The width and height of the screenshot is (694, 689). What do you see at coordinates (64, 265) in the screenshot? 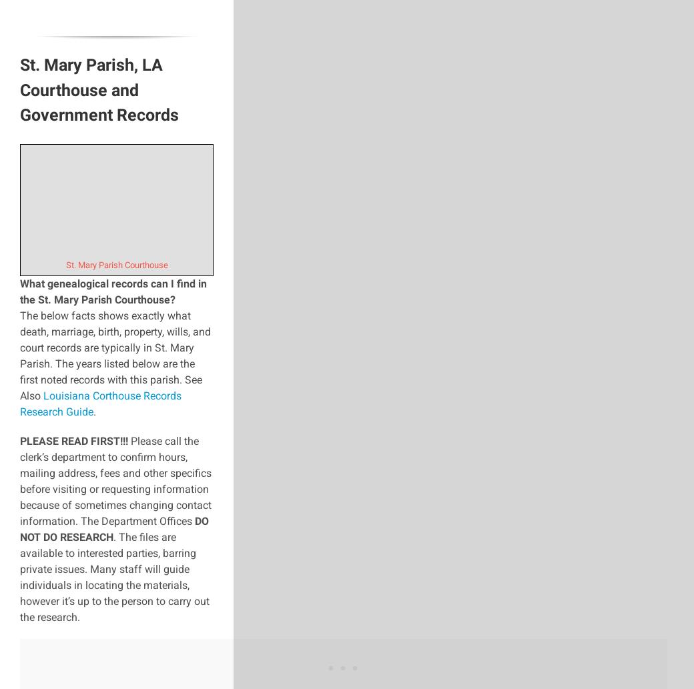
I see `'St. Mary Parish Courthouse'` at bounding box center [64, 265].